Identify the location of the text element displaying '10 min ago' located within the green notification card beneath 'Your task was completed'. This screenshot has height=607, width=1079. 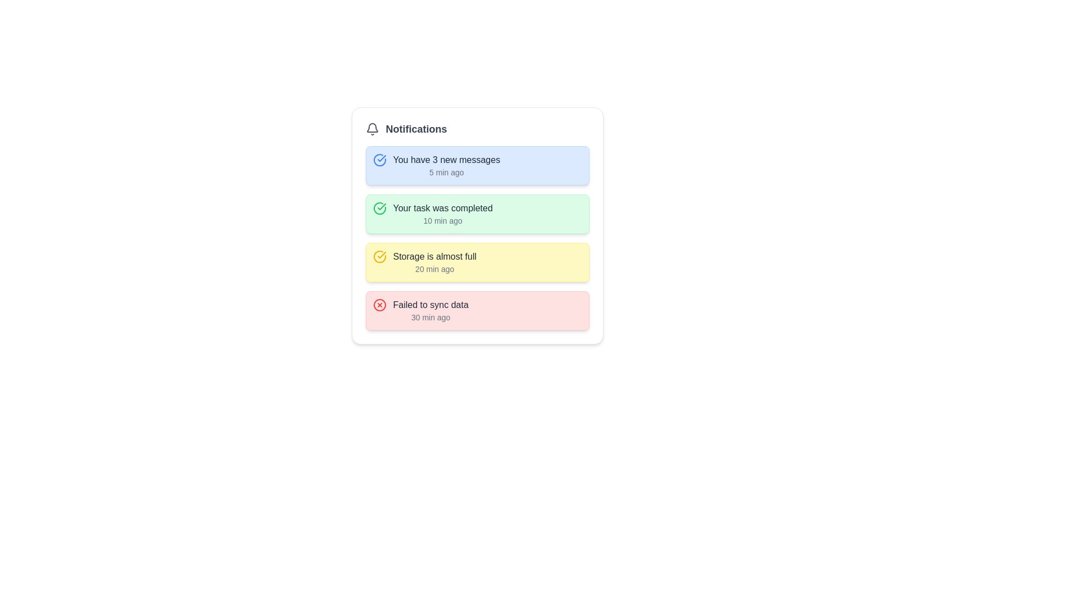
(442, 221).